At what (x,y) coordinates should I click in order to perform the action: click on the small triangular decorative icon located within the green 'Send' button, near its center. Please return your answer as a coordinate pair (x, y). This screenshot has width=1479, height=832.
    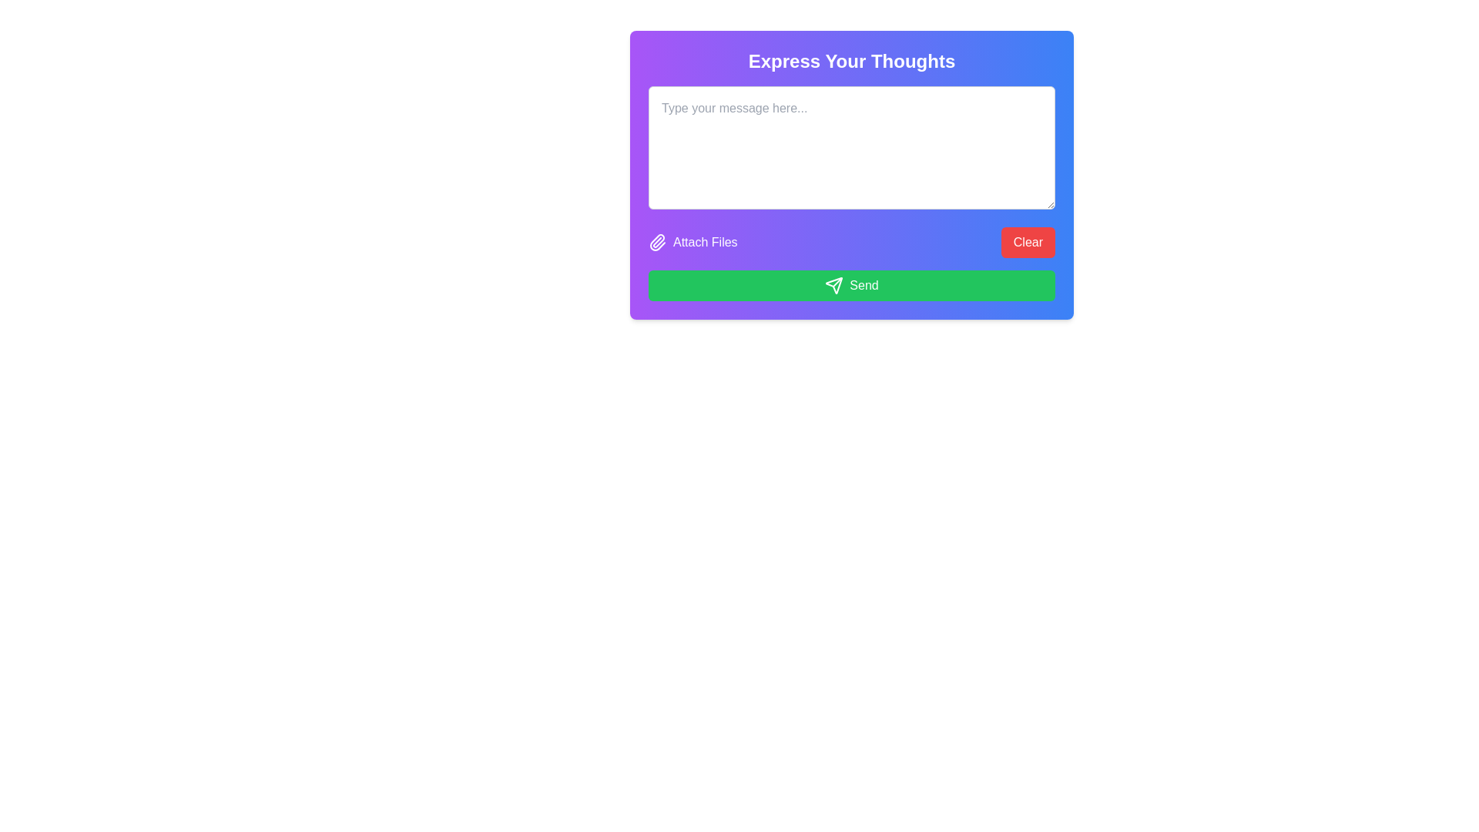
    Looking at the image, I should click on (833, 285).